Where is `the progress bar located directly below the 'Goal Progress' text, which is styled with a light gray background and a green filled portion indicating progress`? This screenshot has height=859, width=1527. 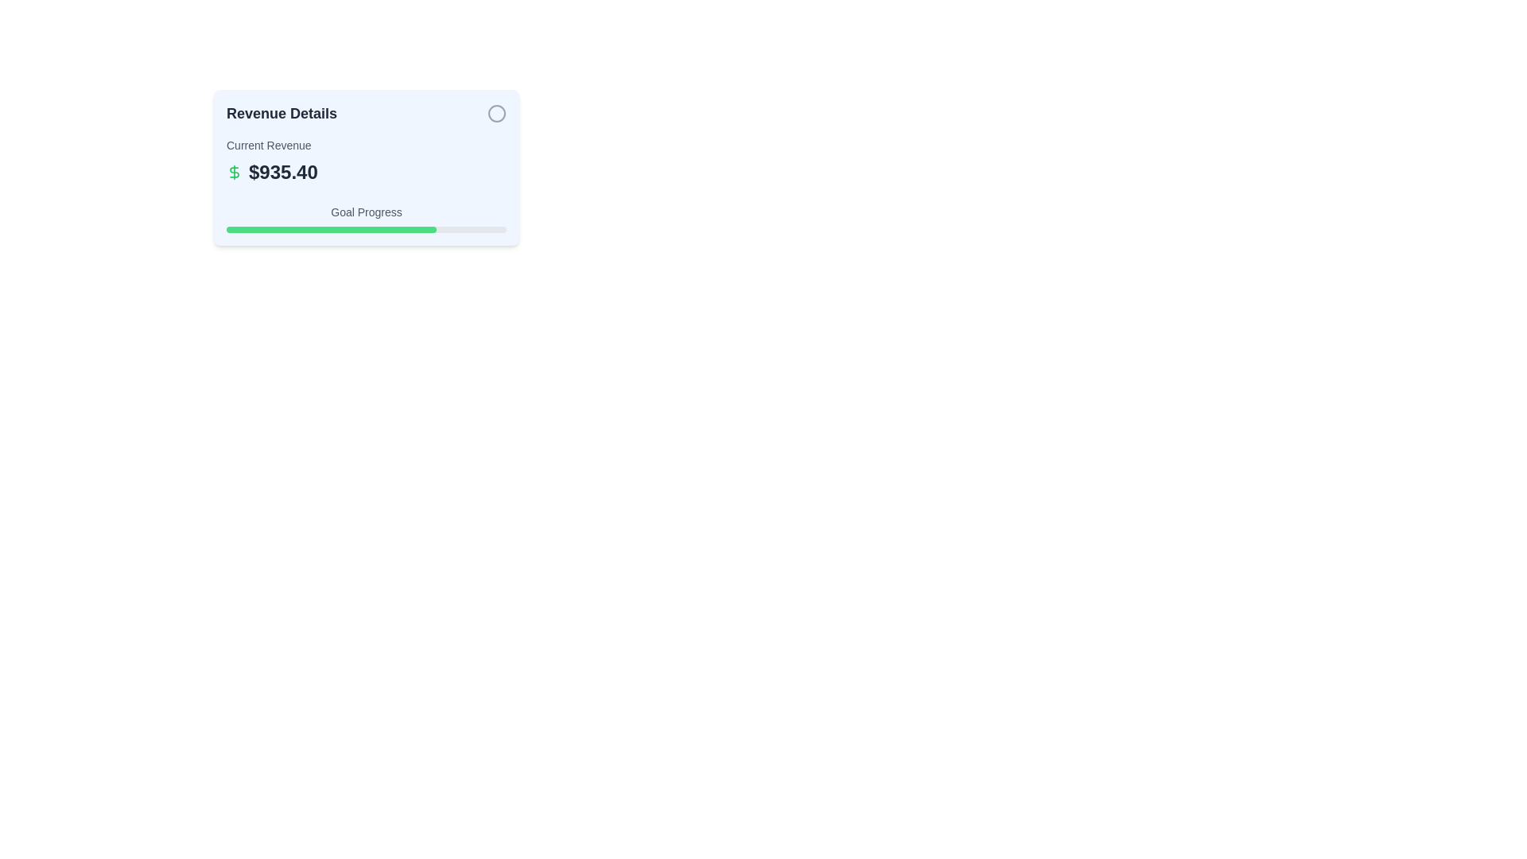
the progress bar located directly below the 'Goal Progress' text, which is styled with a light gray background and a green filled portion indicating progress is located at coordinates (365, 230).